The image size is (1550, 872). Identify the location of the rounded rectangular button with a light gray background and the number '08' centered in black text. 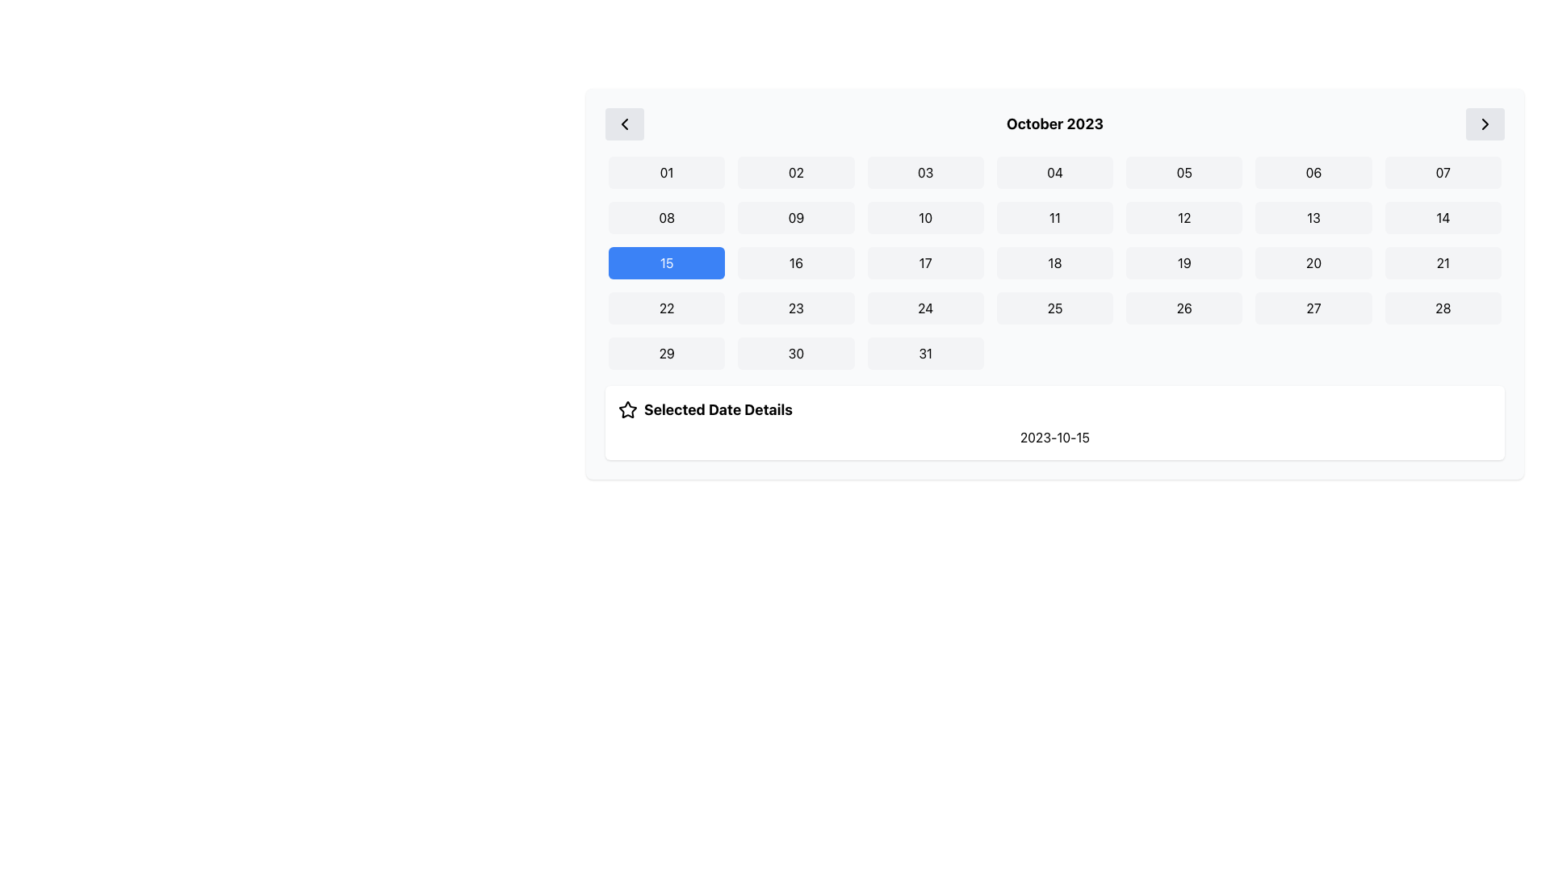
(667, 218).